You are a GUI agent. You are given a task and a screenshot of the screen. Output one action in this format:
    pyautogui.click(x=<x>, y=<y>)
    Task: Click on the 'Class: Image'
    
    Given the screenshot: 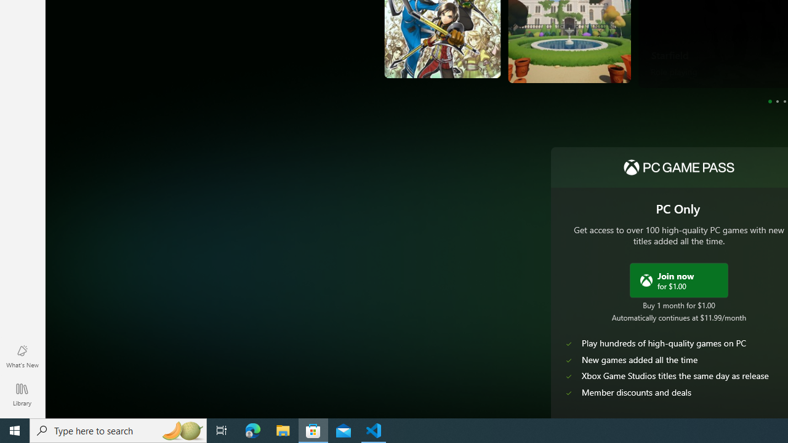 What is the action you would take?
    pyautogui.click(x=645, y=280)
    